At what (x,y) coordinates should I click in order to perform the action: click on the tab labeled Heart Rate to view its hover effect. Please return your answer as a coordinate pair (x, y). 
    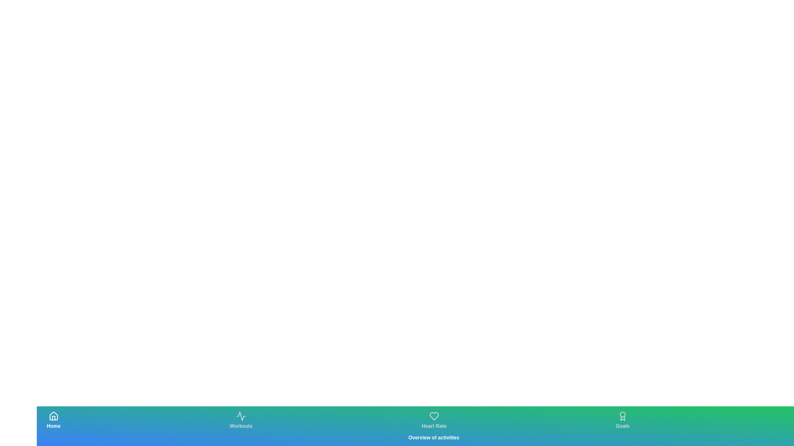
    Looking at the image, I should click on (433, 420).